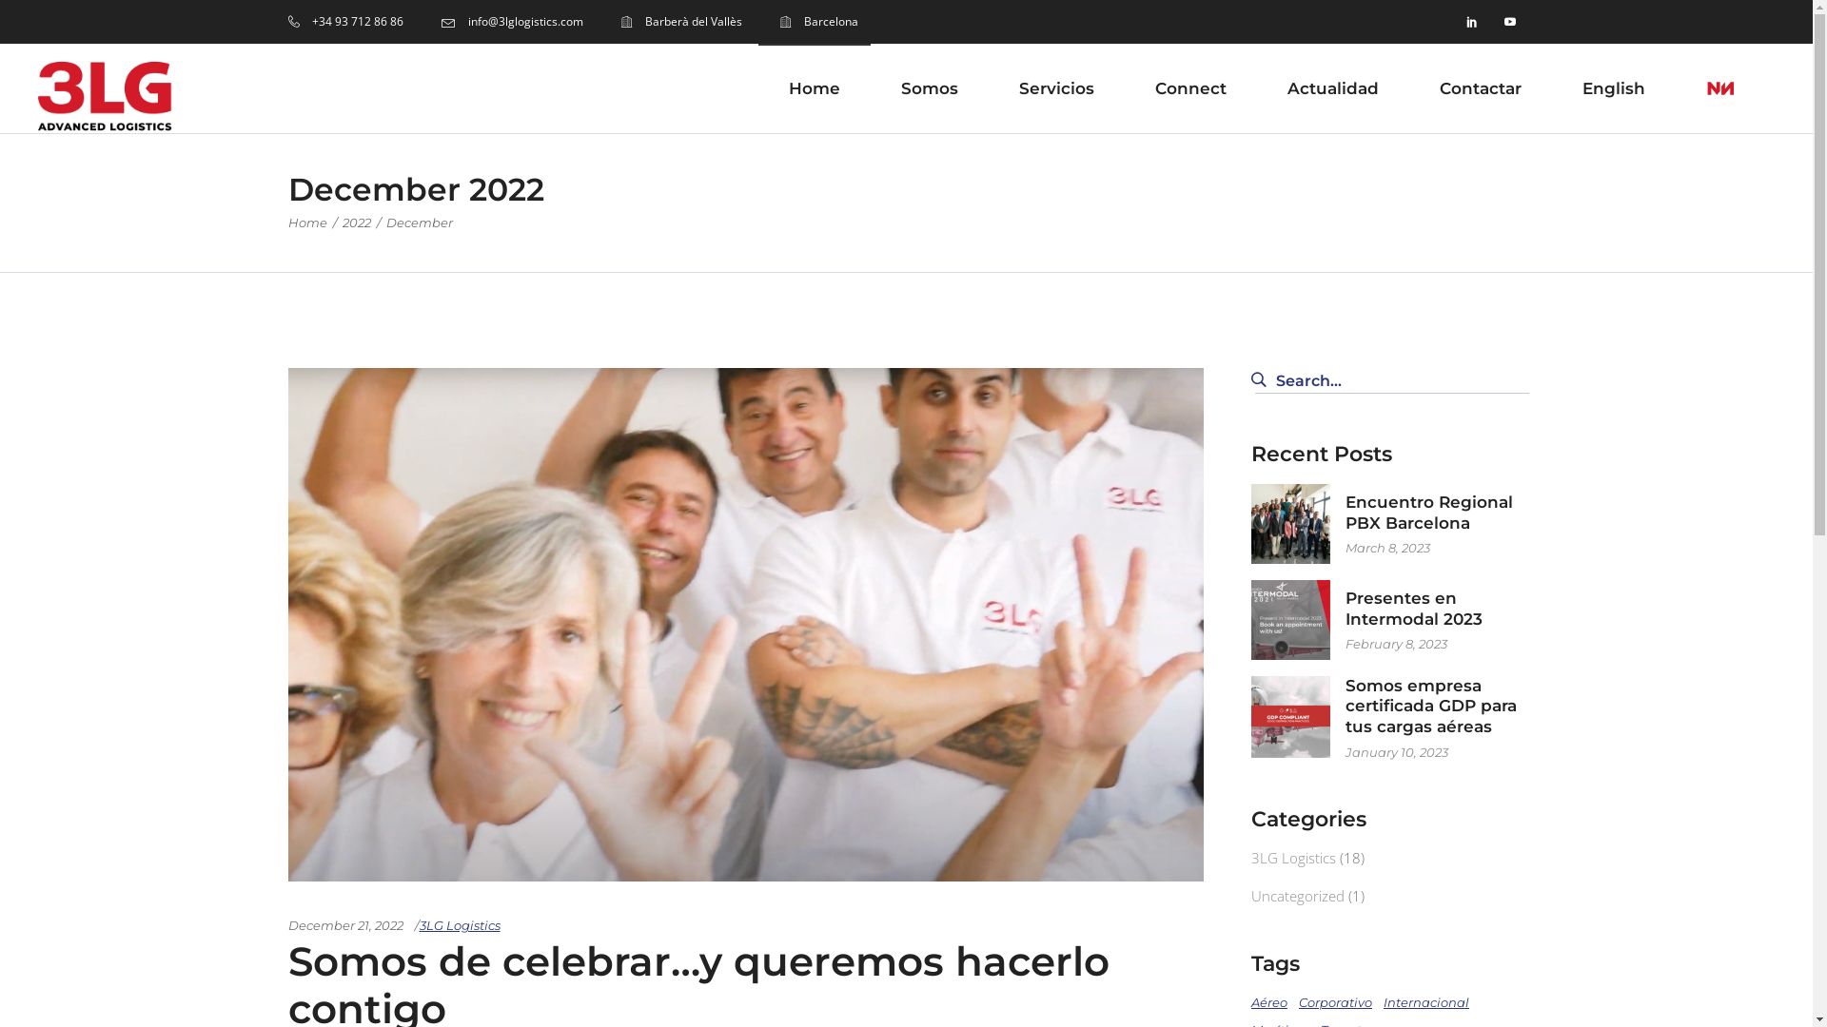  Describe the element at coordinates (344, 923) in the screenshot. I see `'December 21, 2022'` at that location.